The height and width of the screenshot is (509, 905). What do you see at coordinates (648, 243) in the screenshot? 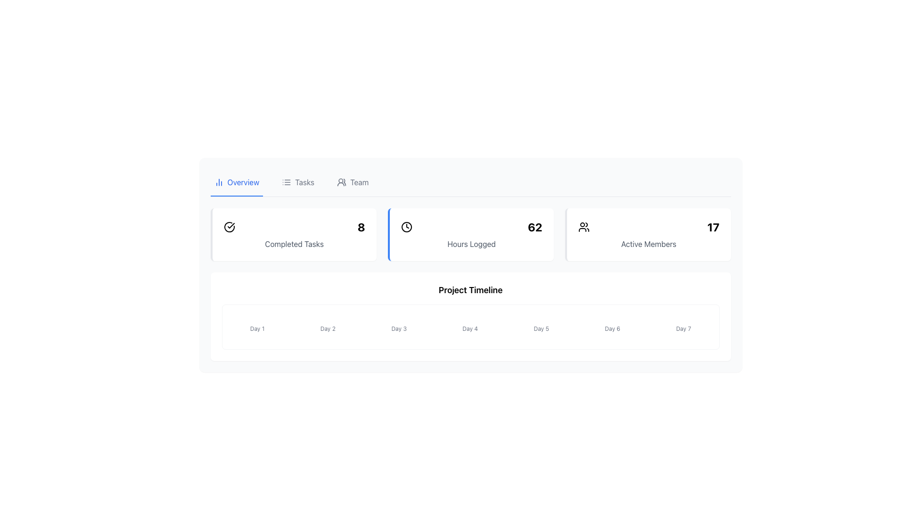
I see `the text label displaying 'Active Members' which is styled in gray font and positioned below the numerical value '17'` at bounding box center [648, 243].